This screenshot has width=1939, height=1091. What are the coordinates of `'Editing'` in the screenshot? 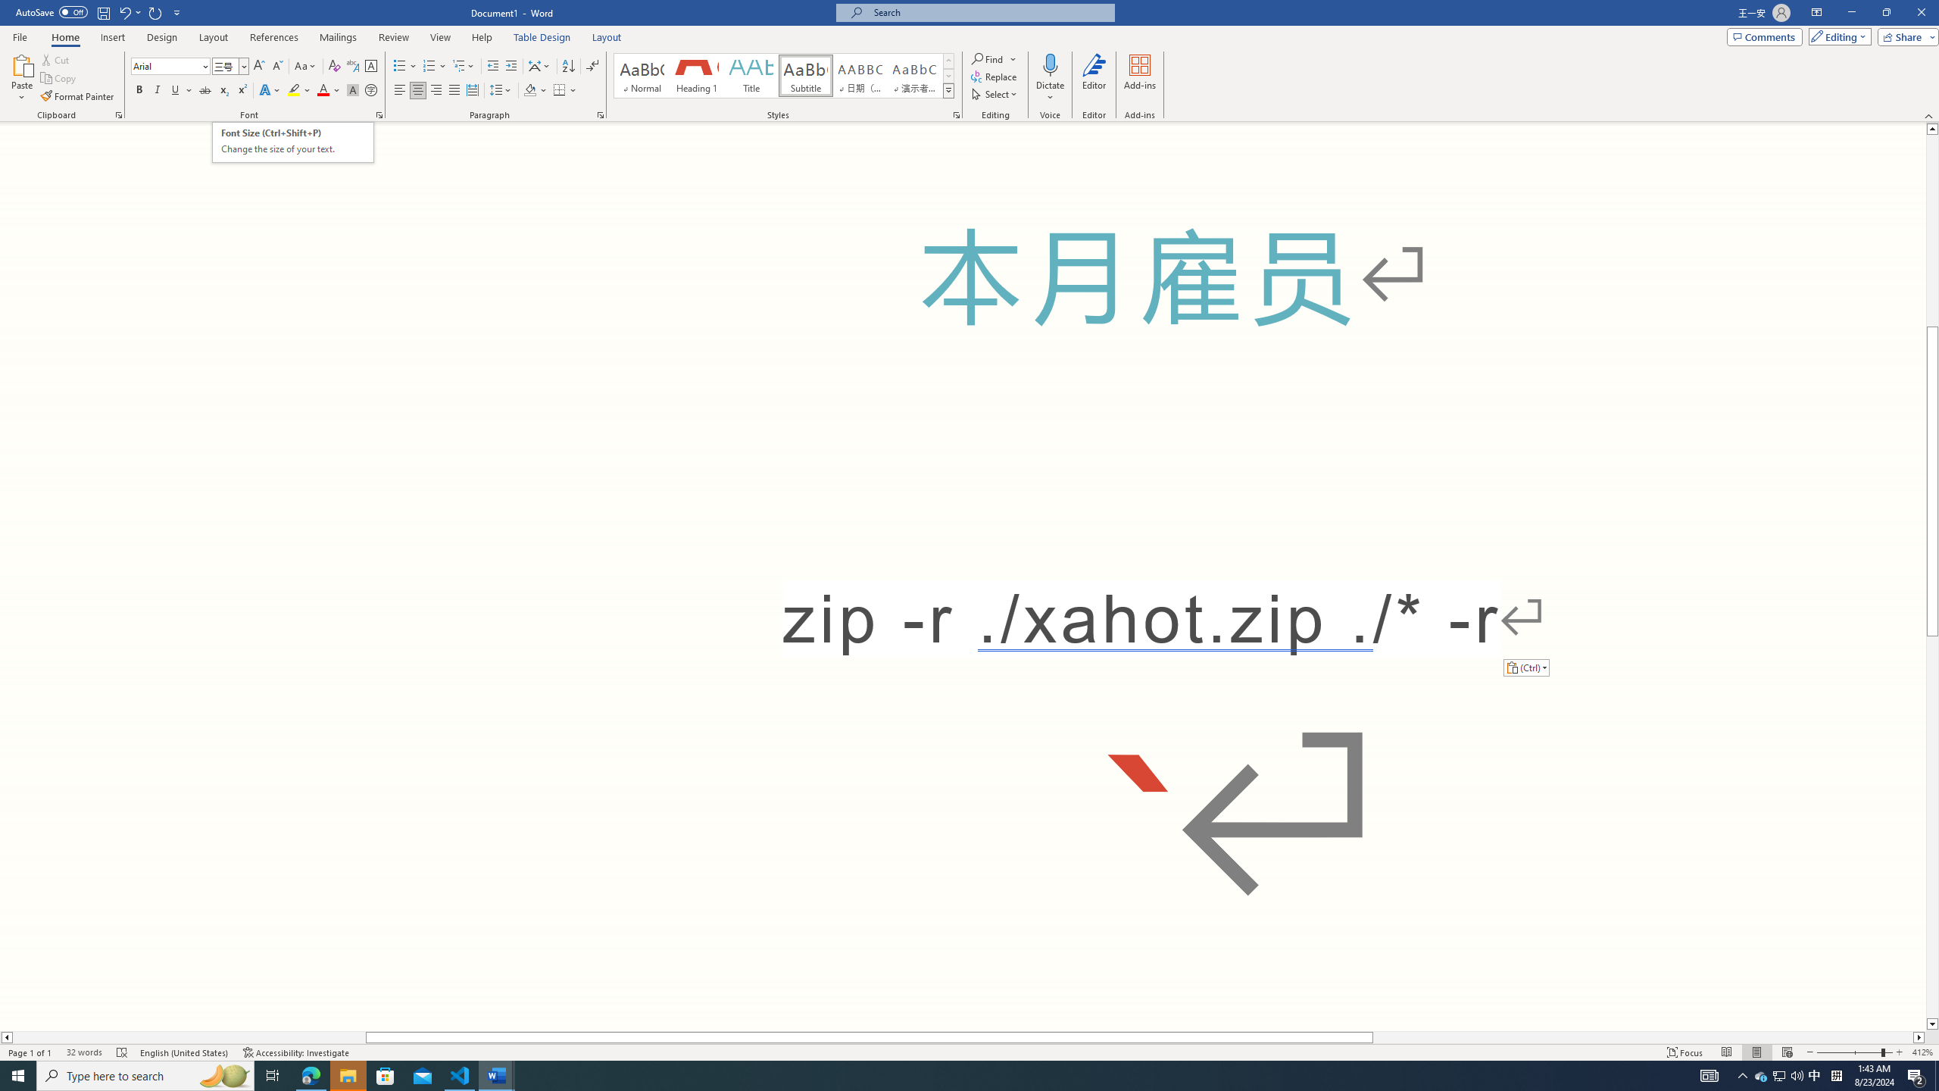 It's located at (1837, 36).